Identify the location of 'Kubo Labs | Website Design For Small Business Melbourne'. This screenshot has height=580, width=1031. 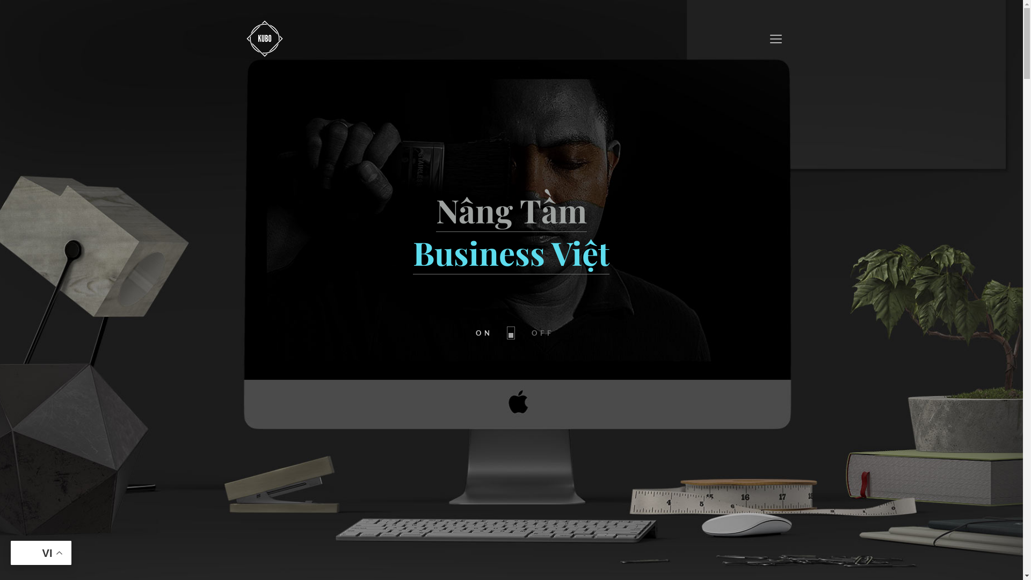
(265, 37).